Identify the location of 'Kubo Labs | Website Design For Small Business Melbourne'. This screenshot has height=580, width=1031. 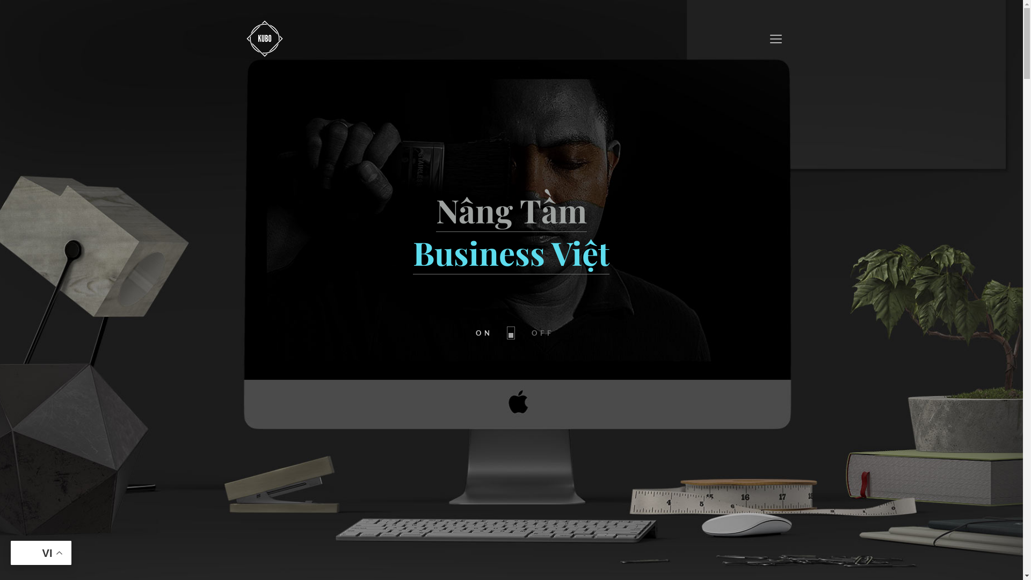
(265, 37).